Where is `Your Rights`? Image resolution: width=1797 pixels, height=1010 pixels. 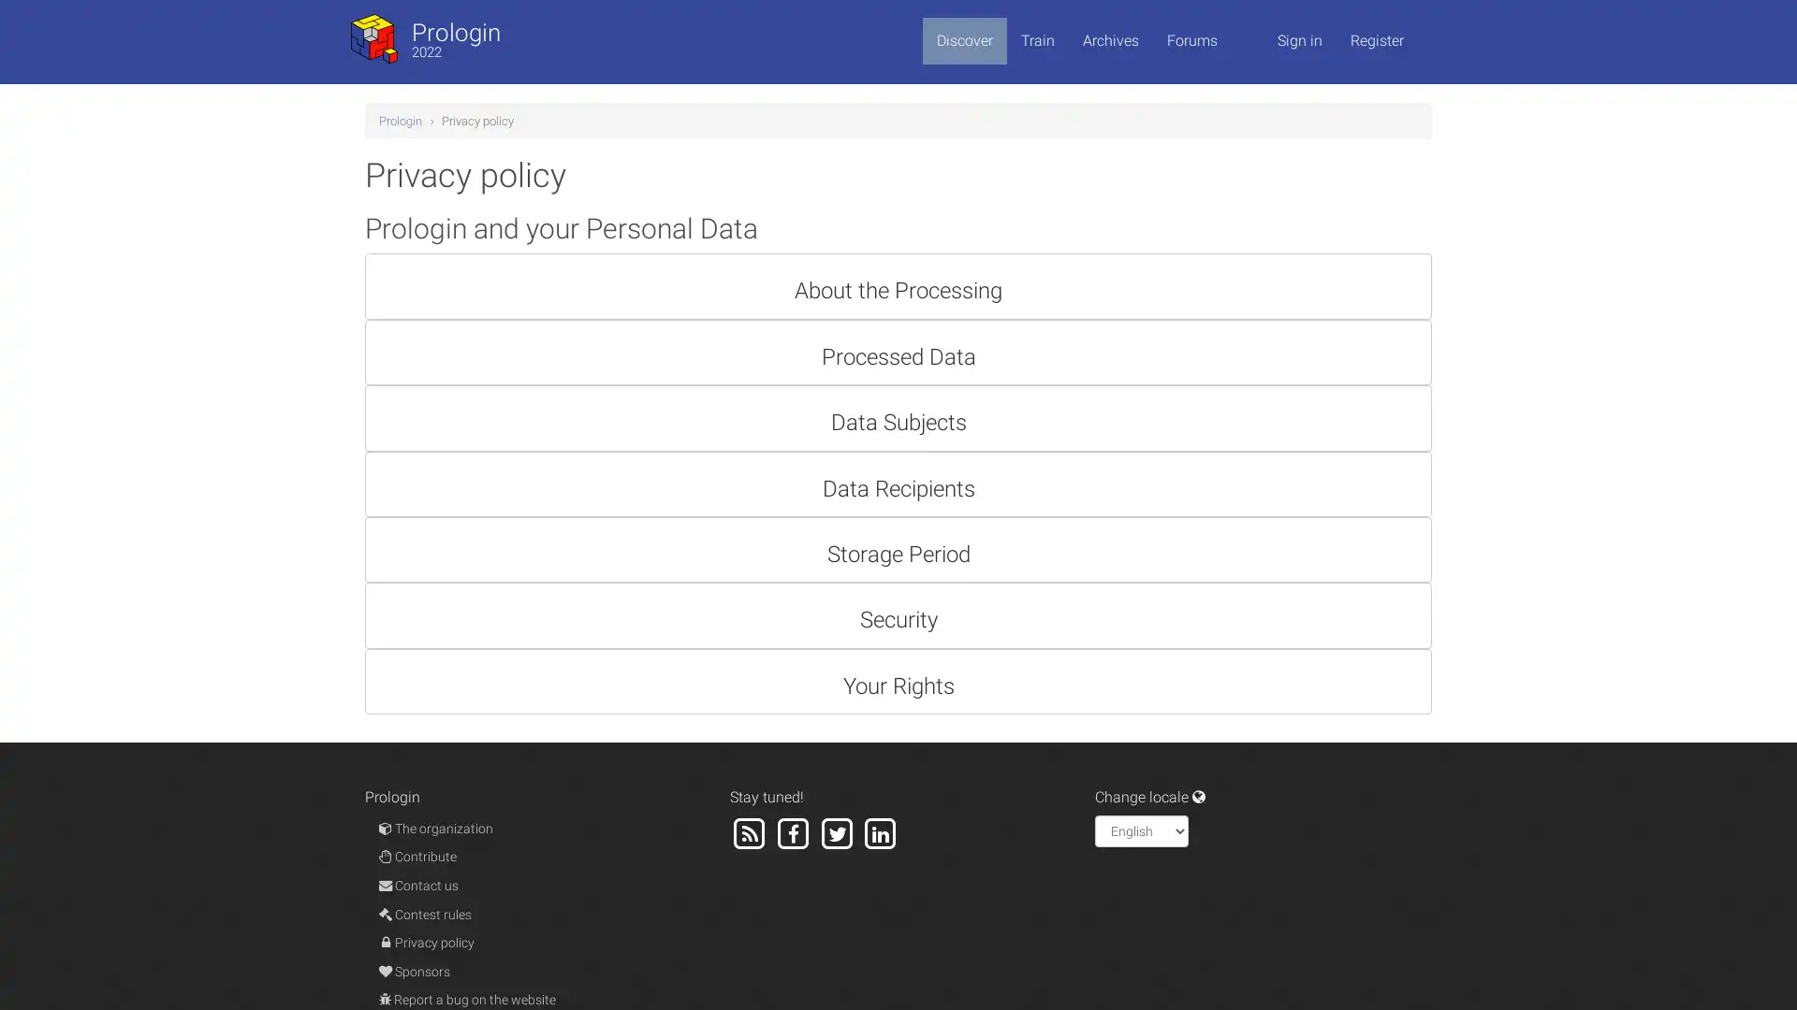
Your Rights is located at coordinates (898, 681).